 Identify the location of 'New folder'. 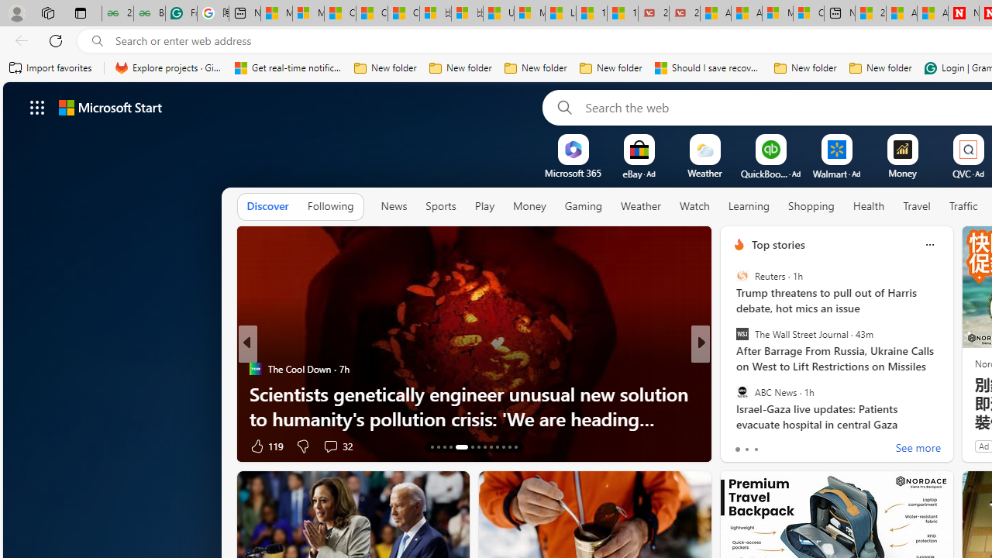
(880, 67).